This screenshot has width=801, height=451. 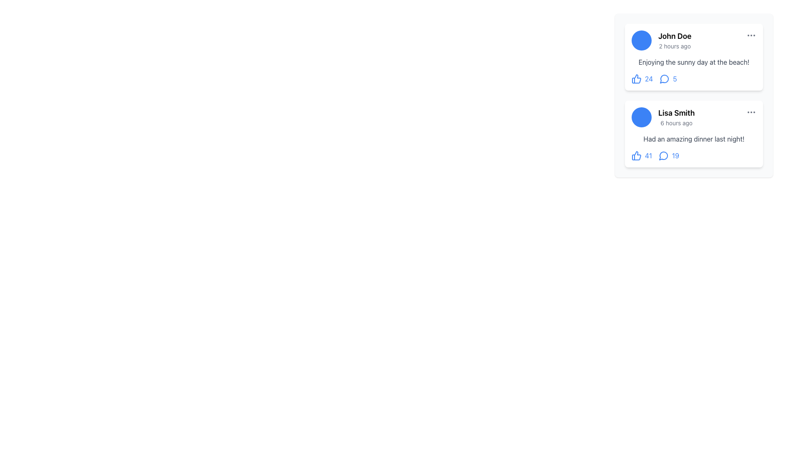 What do you see at coordinates (662, 156) in the screenshot?
I see `the speech bubble icon button` at bounding box center [662, 156].